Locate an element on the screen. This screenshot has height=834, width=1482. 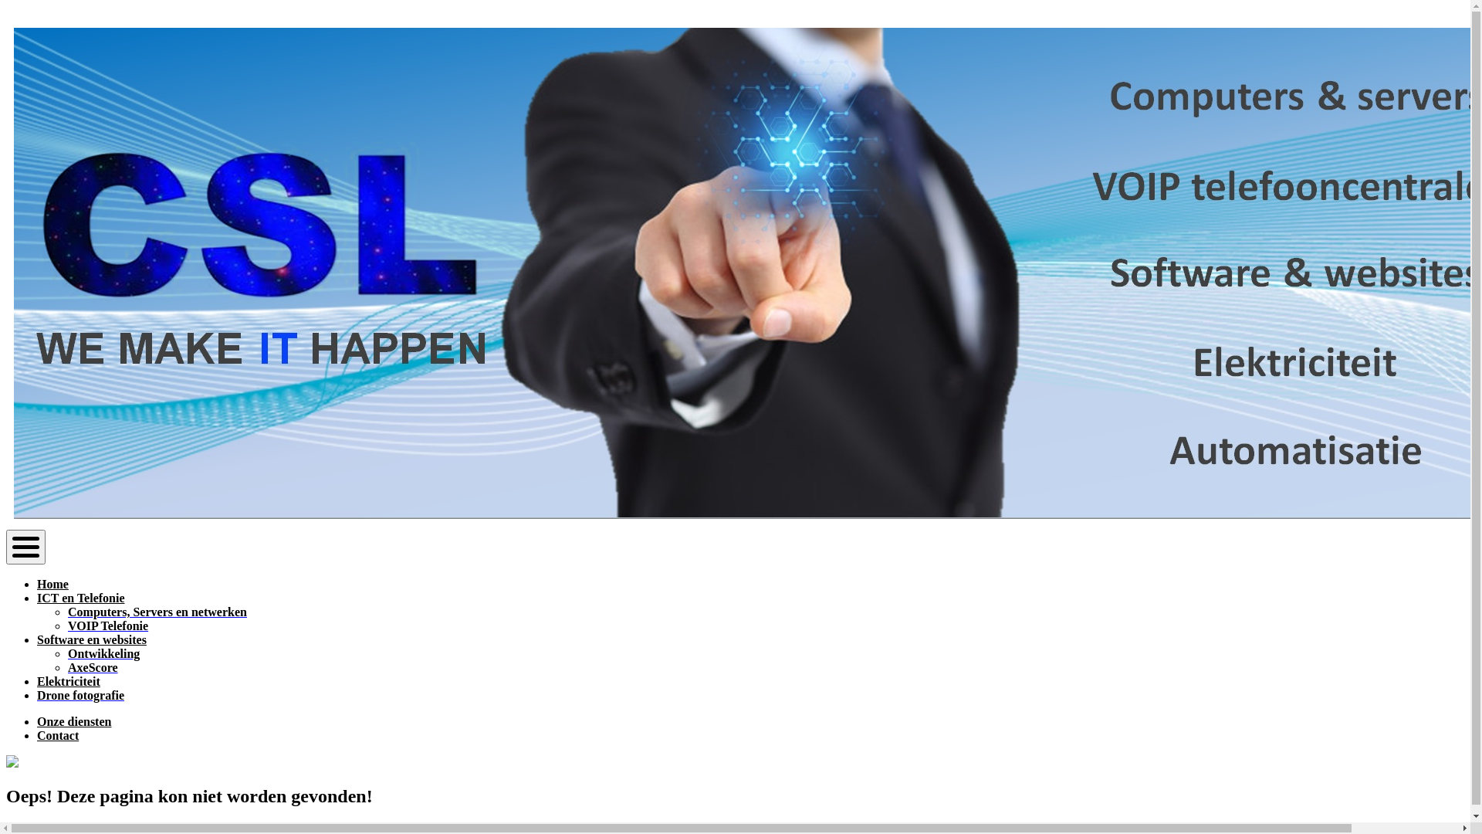
'Computers, Servers en netwerken' is located at coordinates (157, 611).